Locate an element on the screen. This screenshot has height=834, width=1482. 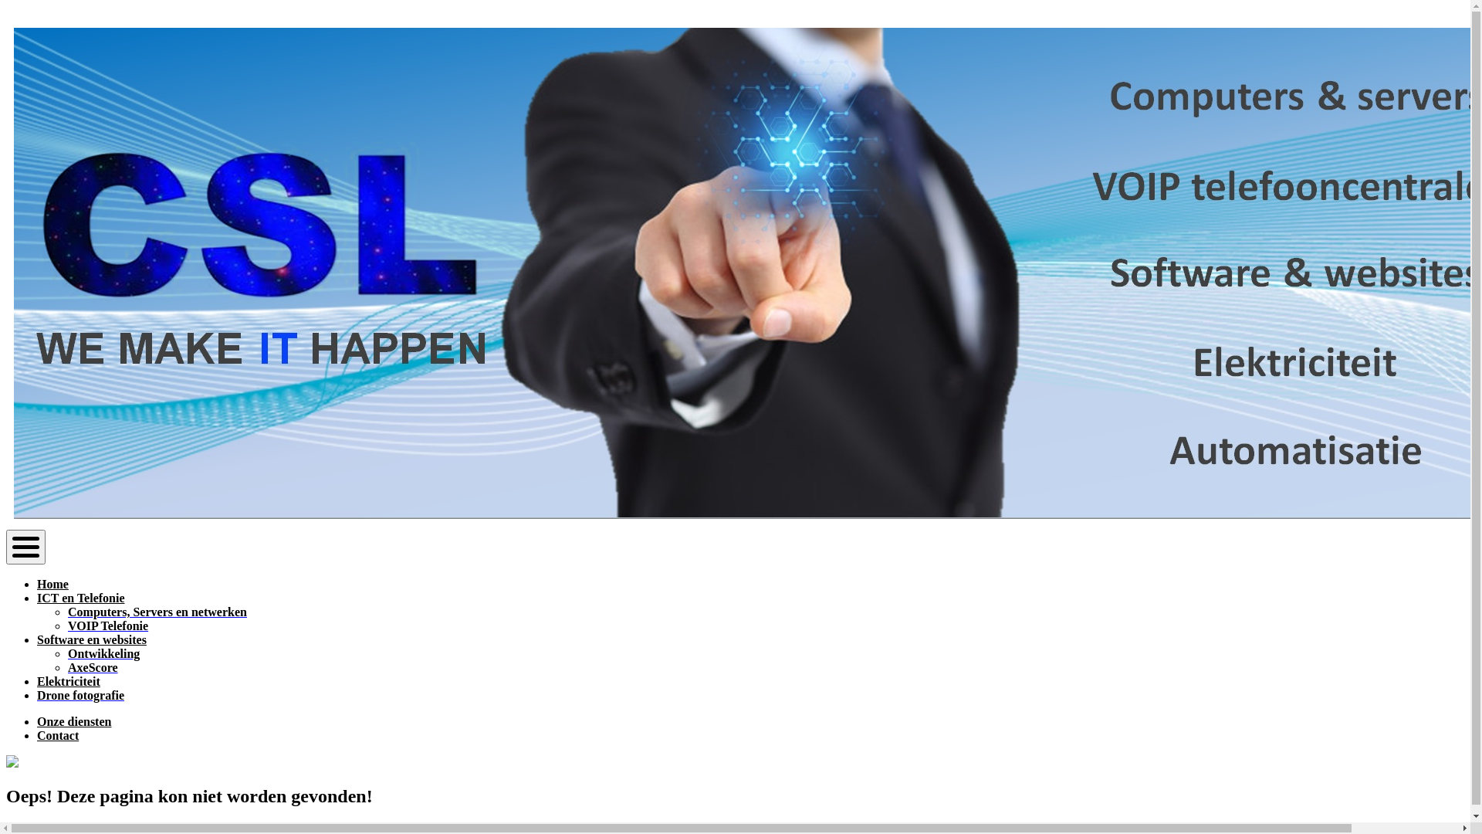
'Computers, Servers en netwerken' is located at coordinates (157, 611).